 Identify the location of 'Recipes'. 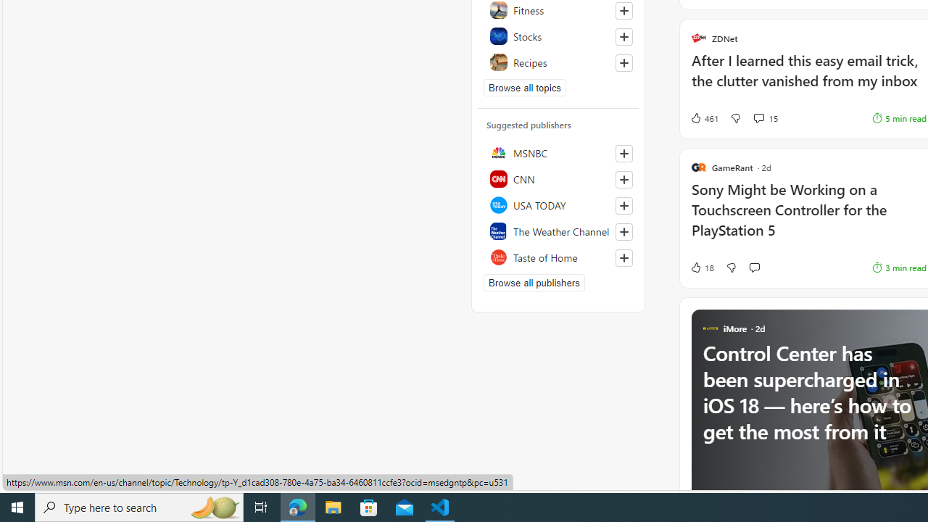
(558, 62).